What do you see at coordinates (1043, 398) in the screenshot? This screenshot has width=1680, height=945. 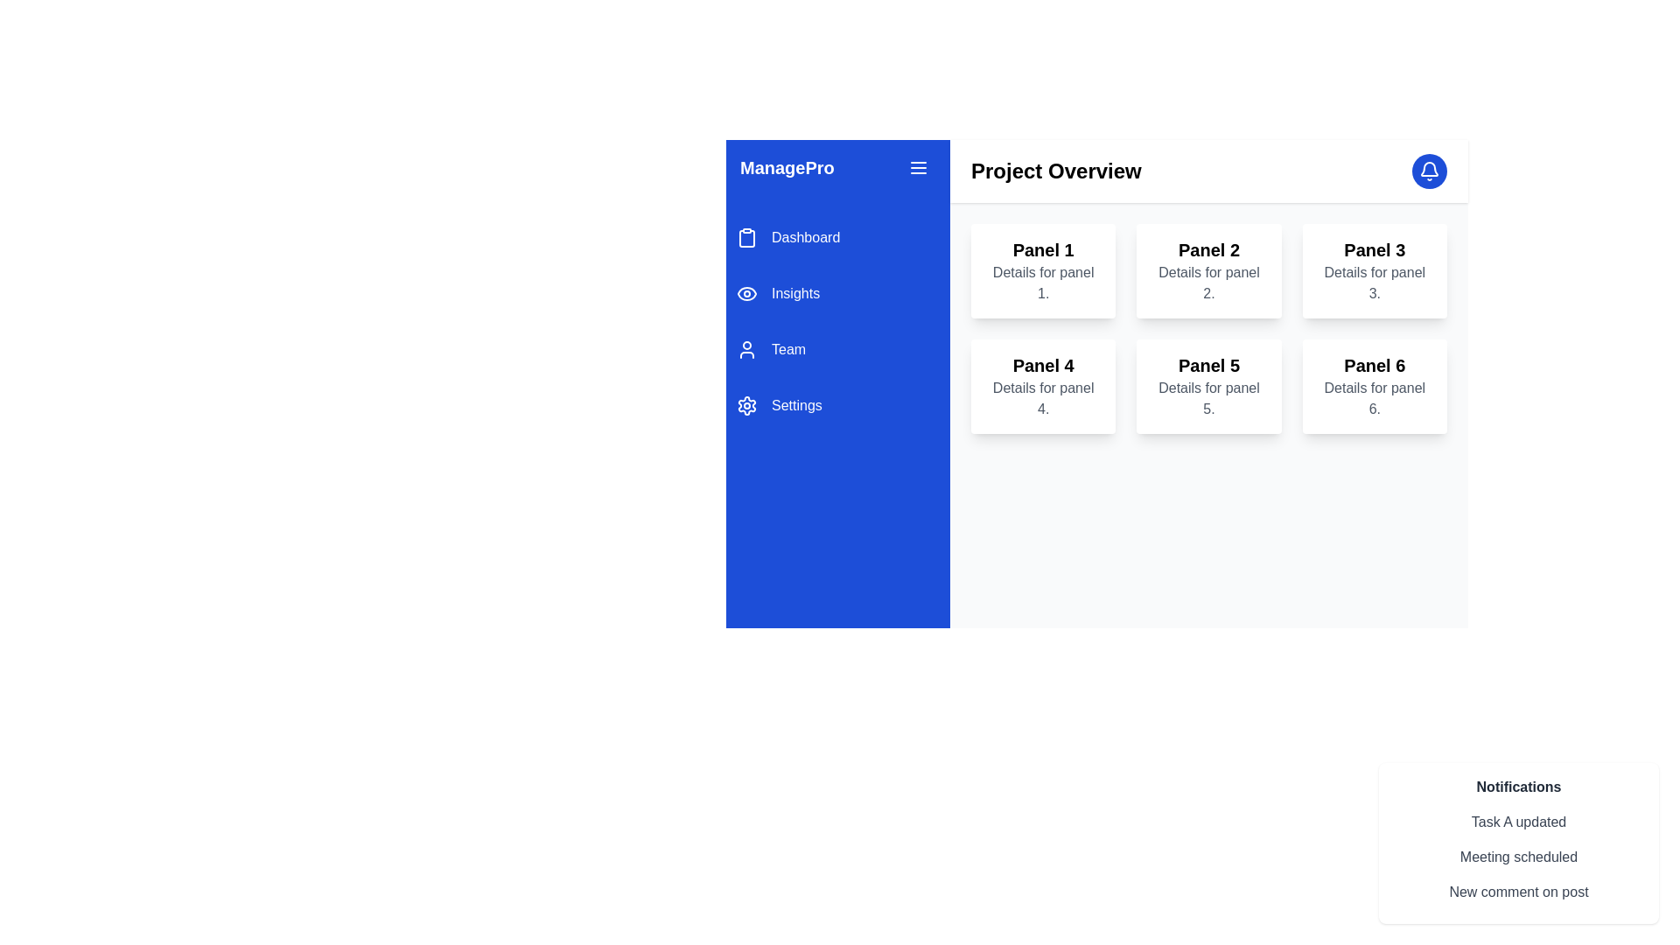 I see `the gray text label that says 'Details for panel 4.' located under the bold heading 'Panel 4' in the second row, first column of the grid layout` at bounding box center [1043, 398].